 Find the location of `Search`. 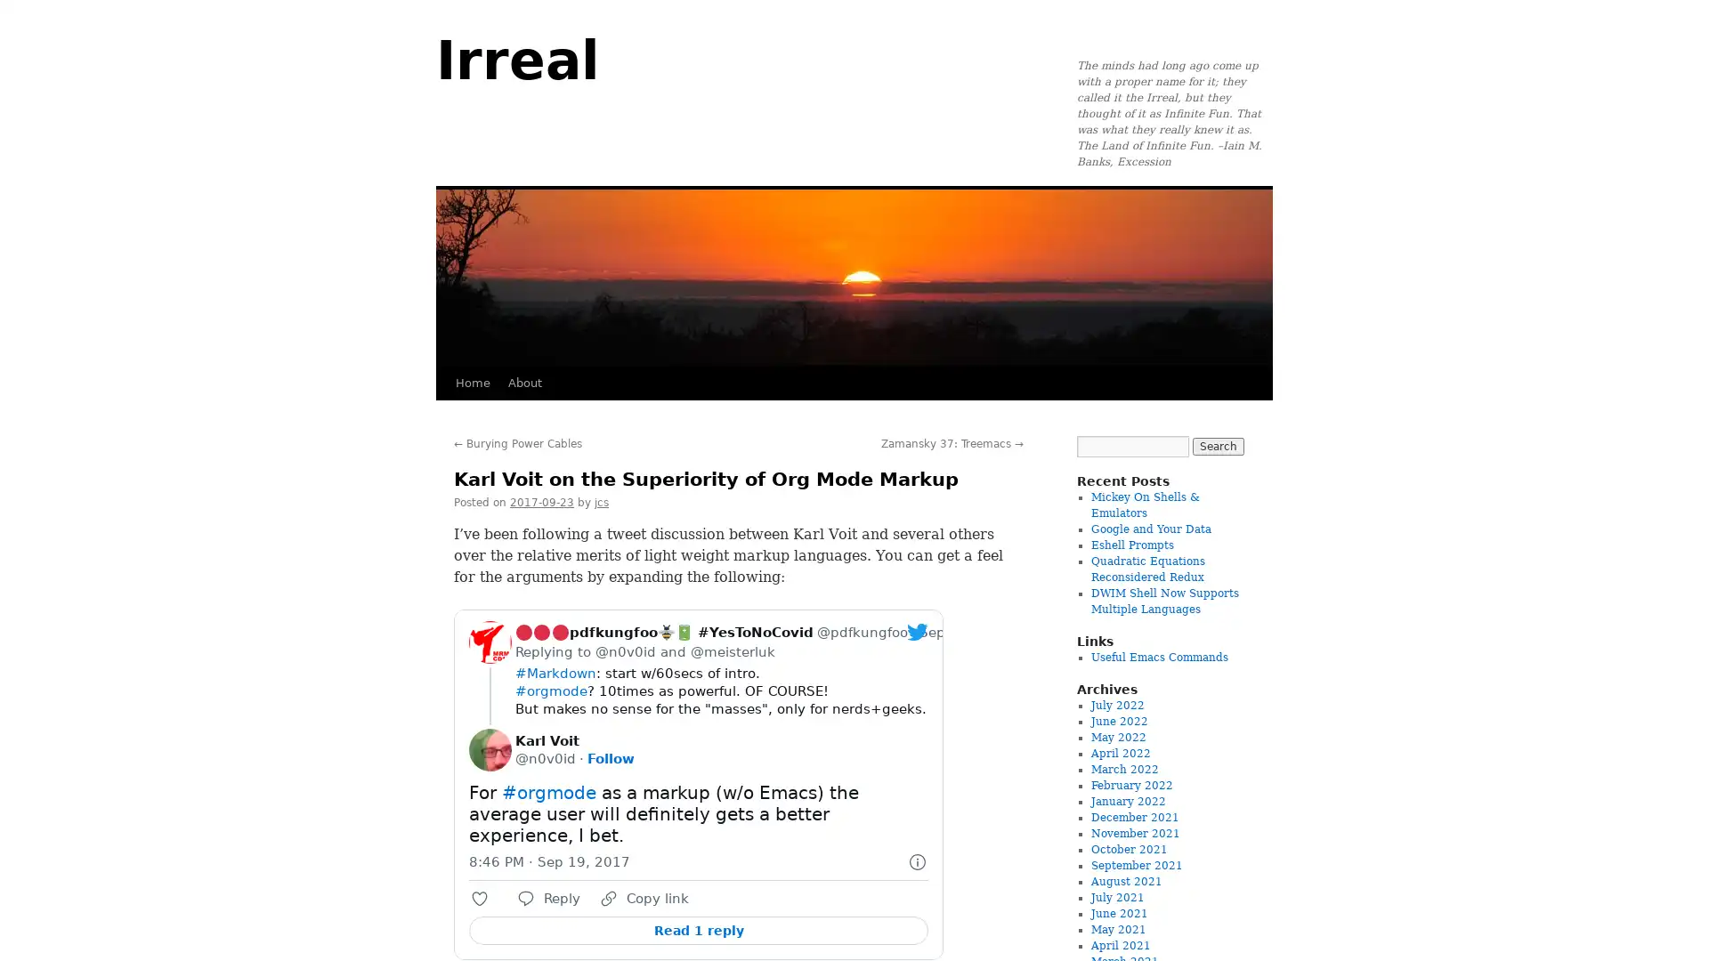

Search is located at coordinates (1217, 445).